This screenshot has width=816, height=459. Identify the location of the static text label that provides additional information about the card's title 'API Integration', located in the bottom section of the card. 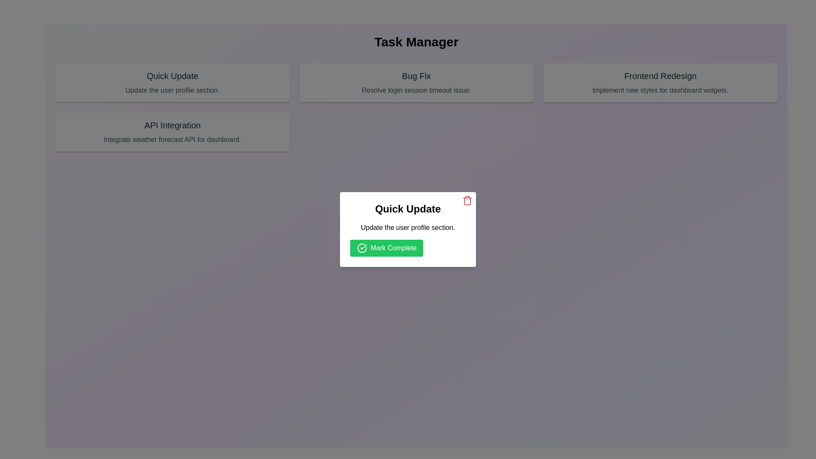
(172, 139).